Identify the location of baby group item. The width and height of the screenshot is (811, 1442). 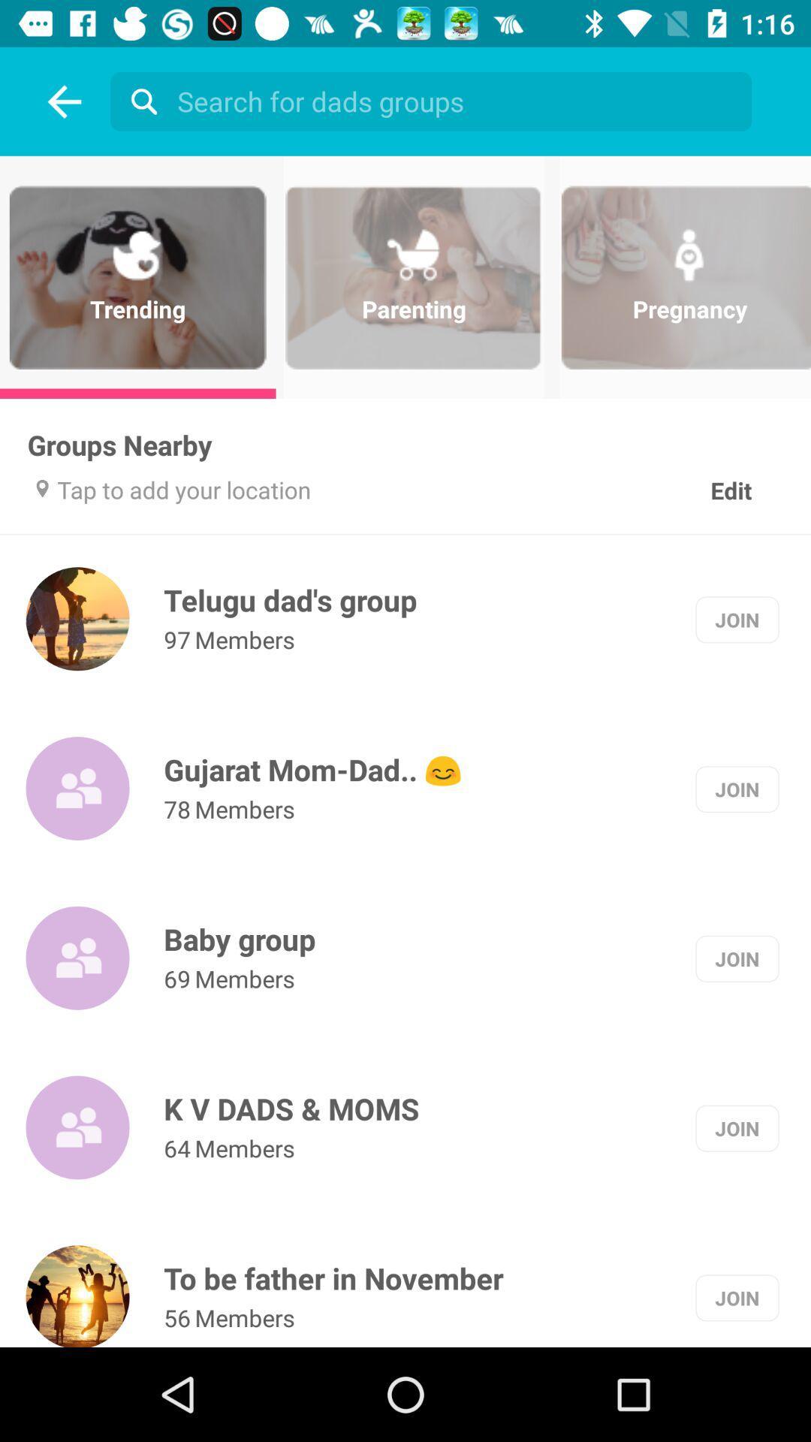
(239, 938).